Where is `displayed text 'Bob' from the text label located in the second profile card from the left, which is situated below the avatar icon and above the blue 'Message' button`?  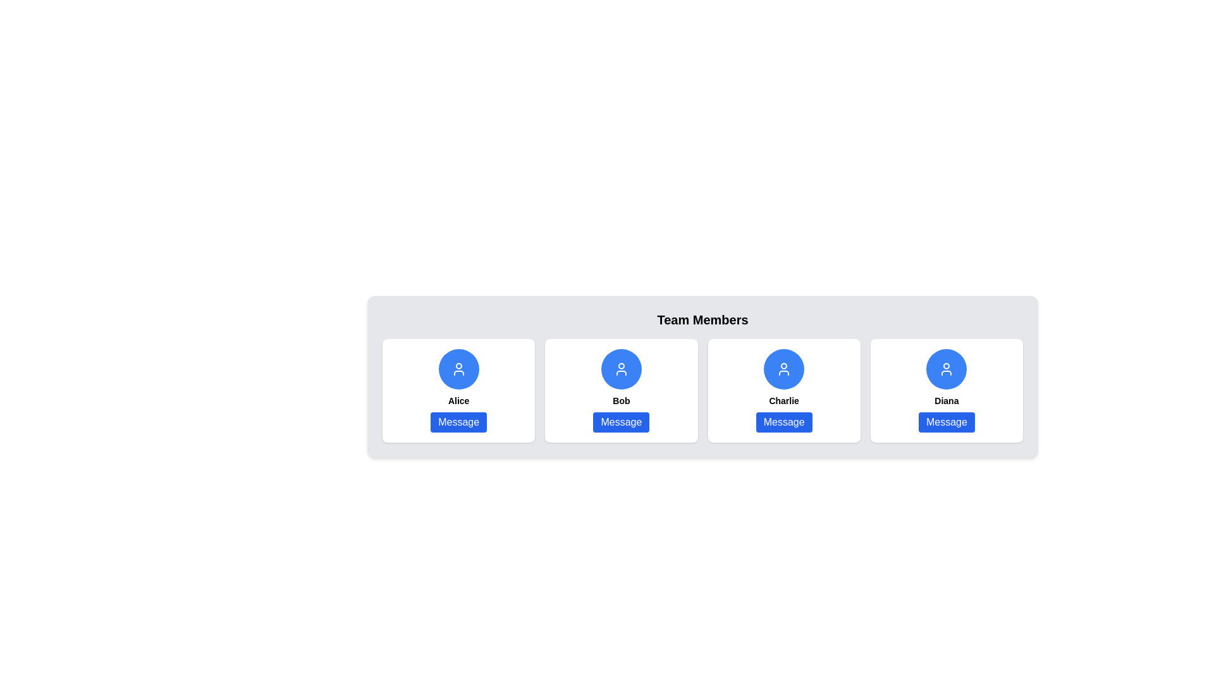 displayed text 'Bob' from the text label located in the second profile card from the left, which is situated below the avatar icon and above the blue 'Message' button is located at coordinates (621, 400).